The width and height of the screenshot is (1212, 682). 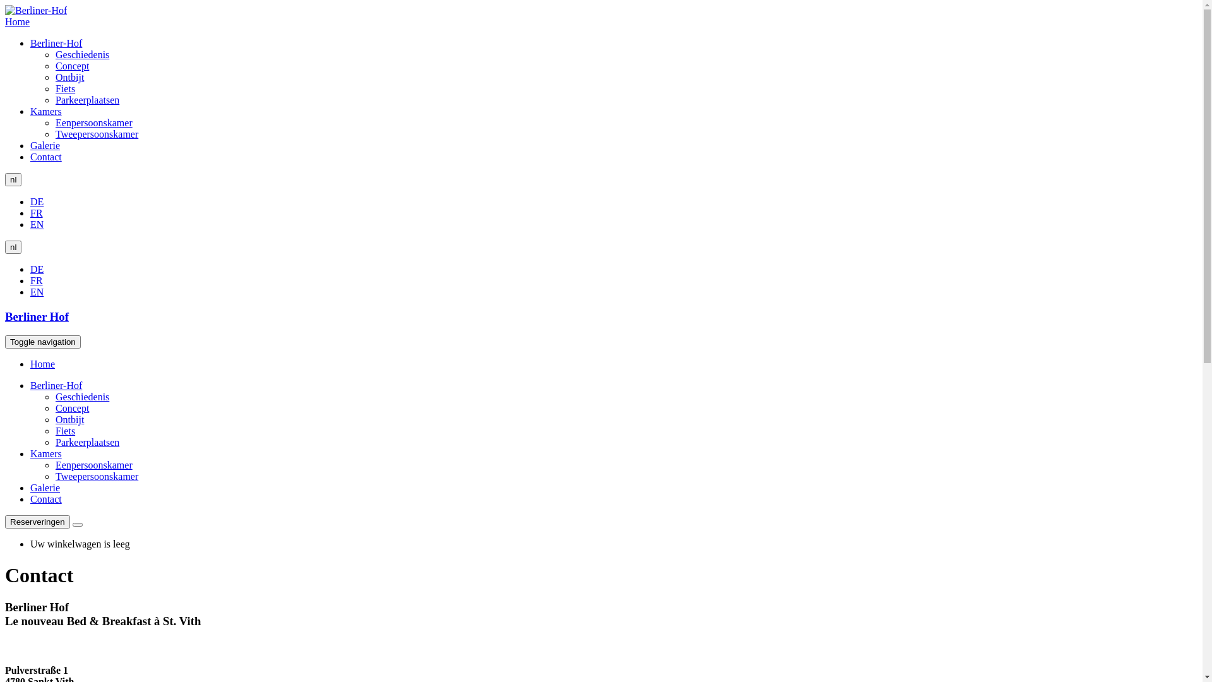 What do you see at coordinates (30, 453) in the screenshot?
I see `'Kamers'` at bounding box center [30, 453].